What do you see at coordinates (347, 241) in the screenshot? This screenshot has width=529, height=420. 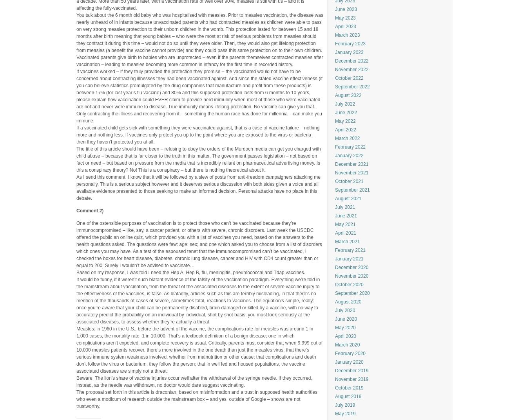 I see `'March 2021'` at bounding box center [347, 241].